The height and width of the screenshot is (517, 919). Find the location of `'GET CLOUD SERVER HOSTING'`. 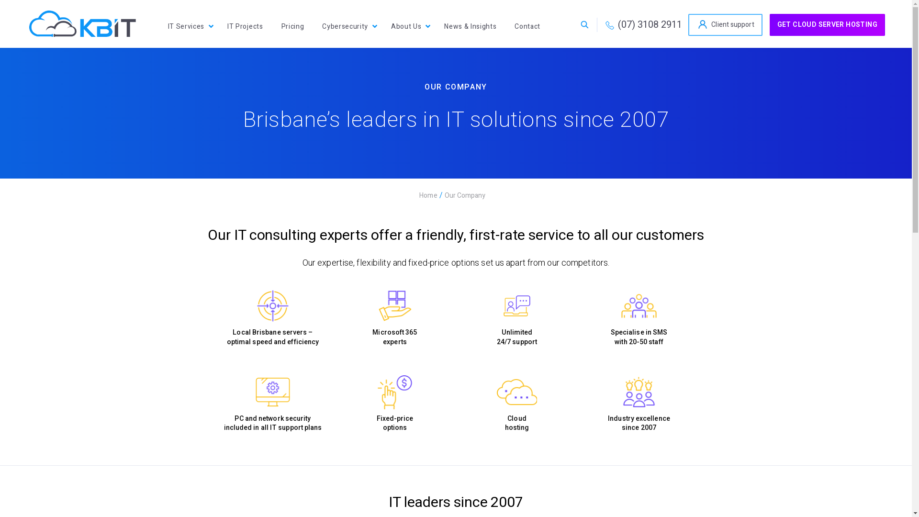

'GET CLOUD SERVER HOSTING' is located at coordinates (827, 24).